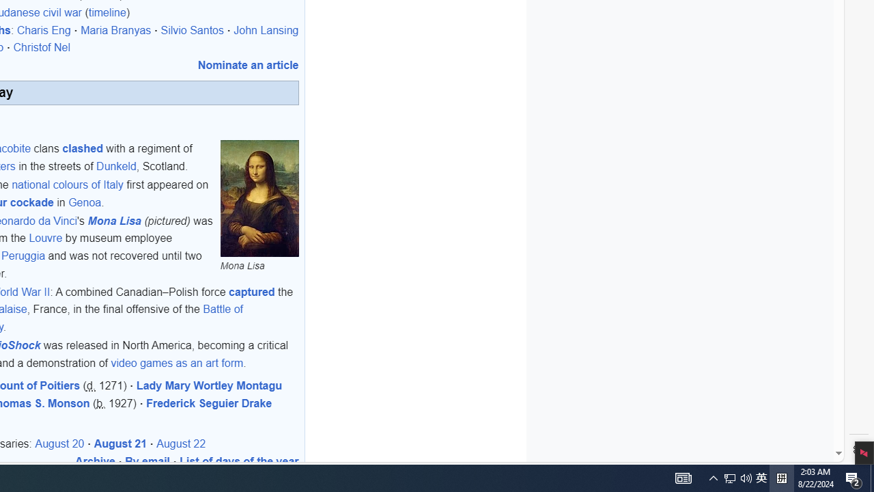  Describe the element at coordinates (115, 30) in the screenshot. I see `'Maria Branyas'` at that location.